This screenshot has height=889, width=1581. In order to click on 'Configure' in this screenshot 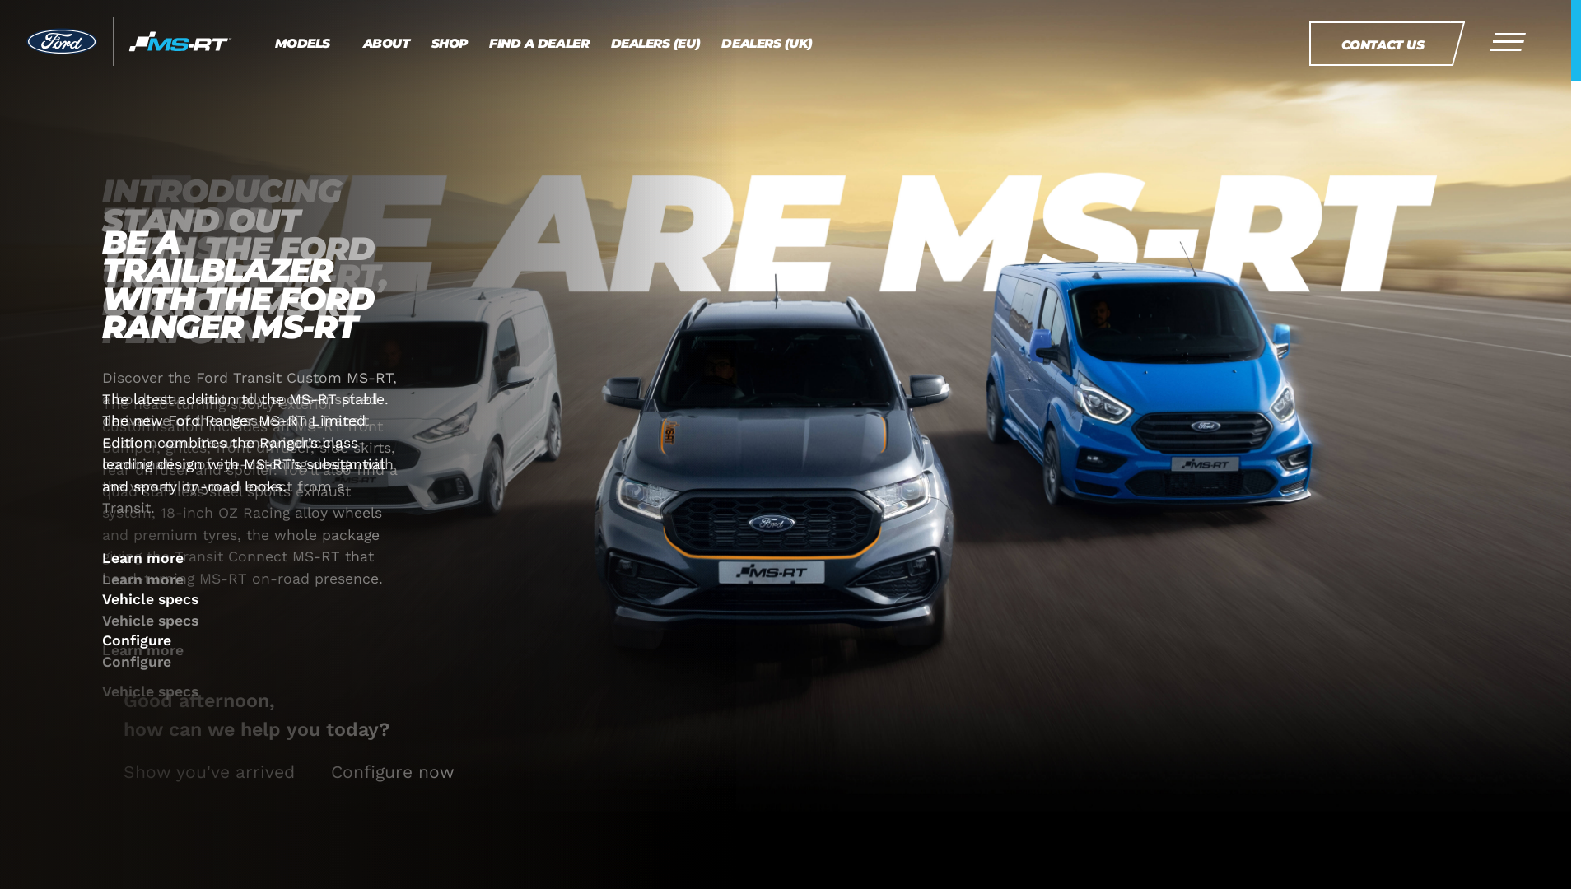, I will do `click(137, 660)`.